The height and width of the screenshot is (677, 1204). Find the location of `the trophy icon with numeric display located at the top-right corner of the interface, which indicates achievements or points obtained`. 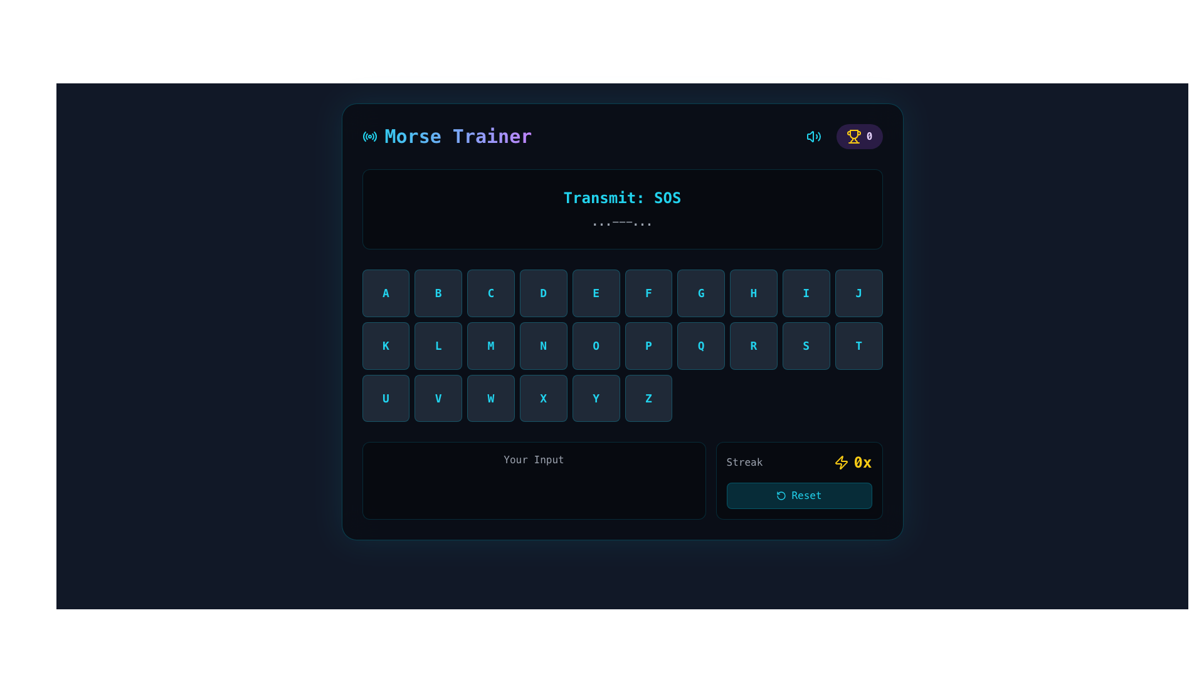

the trophy icon with numeric display located at the top-right corner of the interface, which indicates achievements or points obtained is located at coordinates (858, 137).